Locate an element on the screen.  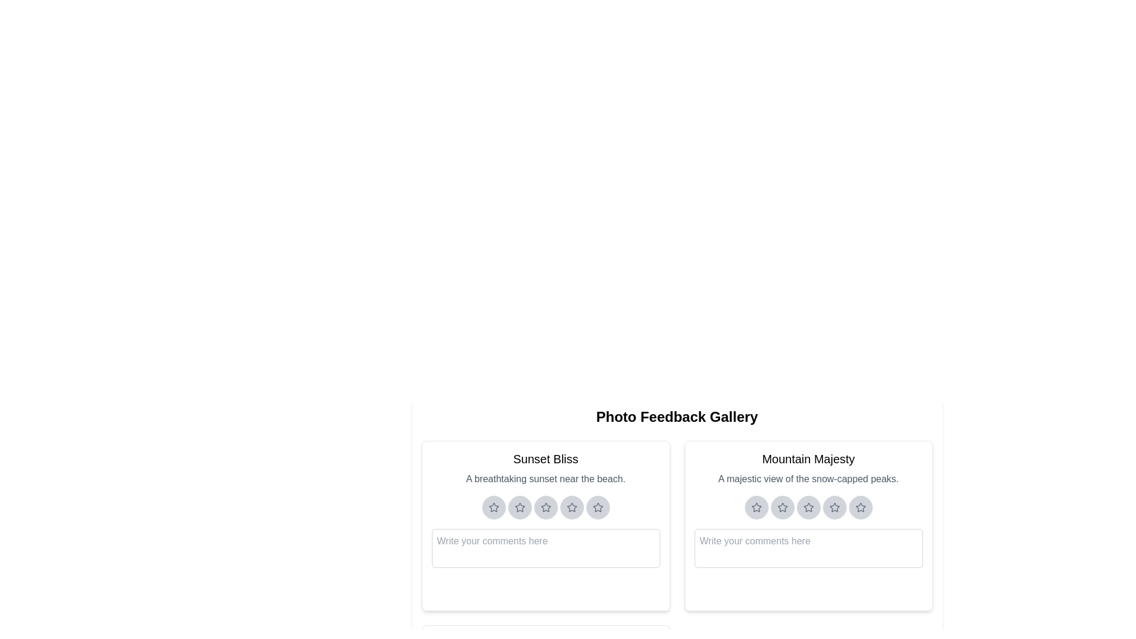
the second star-shaped rating icon with a gray outline in the 5-star rating group for the item 'Sunset Bliss' to assign a rating is located at coordinates (519, 506).